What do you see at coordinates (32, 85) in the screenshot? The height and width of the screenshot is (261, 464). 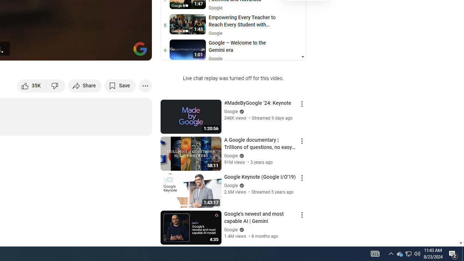 I see `'like this video along with 35,367 other people'` at bounding box center [32, 85].